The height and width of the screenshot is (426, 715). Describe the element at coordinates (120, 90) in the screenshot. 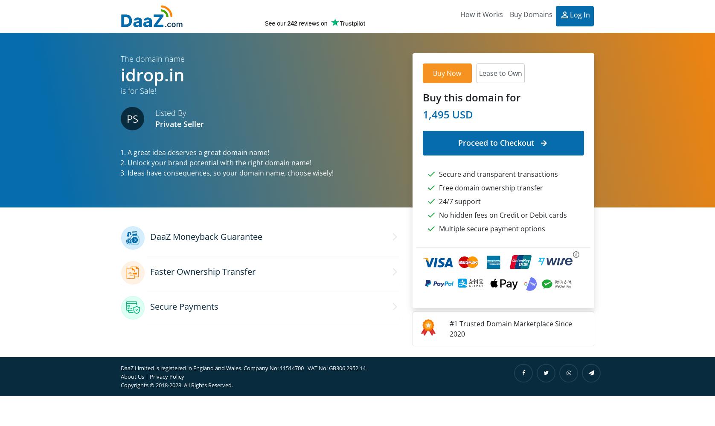

I see `'is for Sale!'` at that location.